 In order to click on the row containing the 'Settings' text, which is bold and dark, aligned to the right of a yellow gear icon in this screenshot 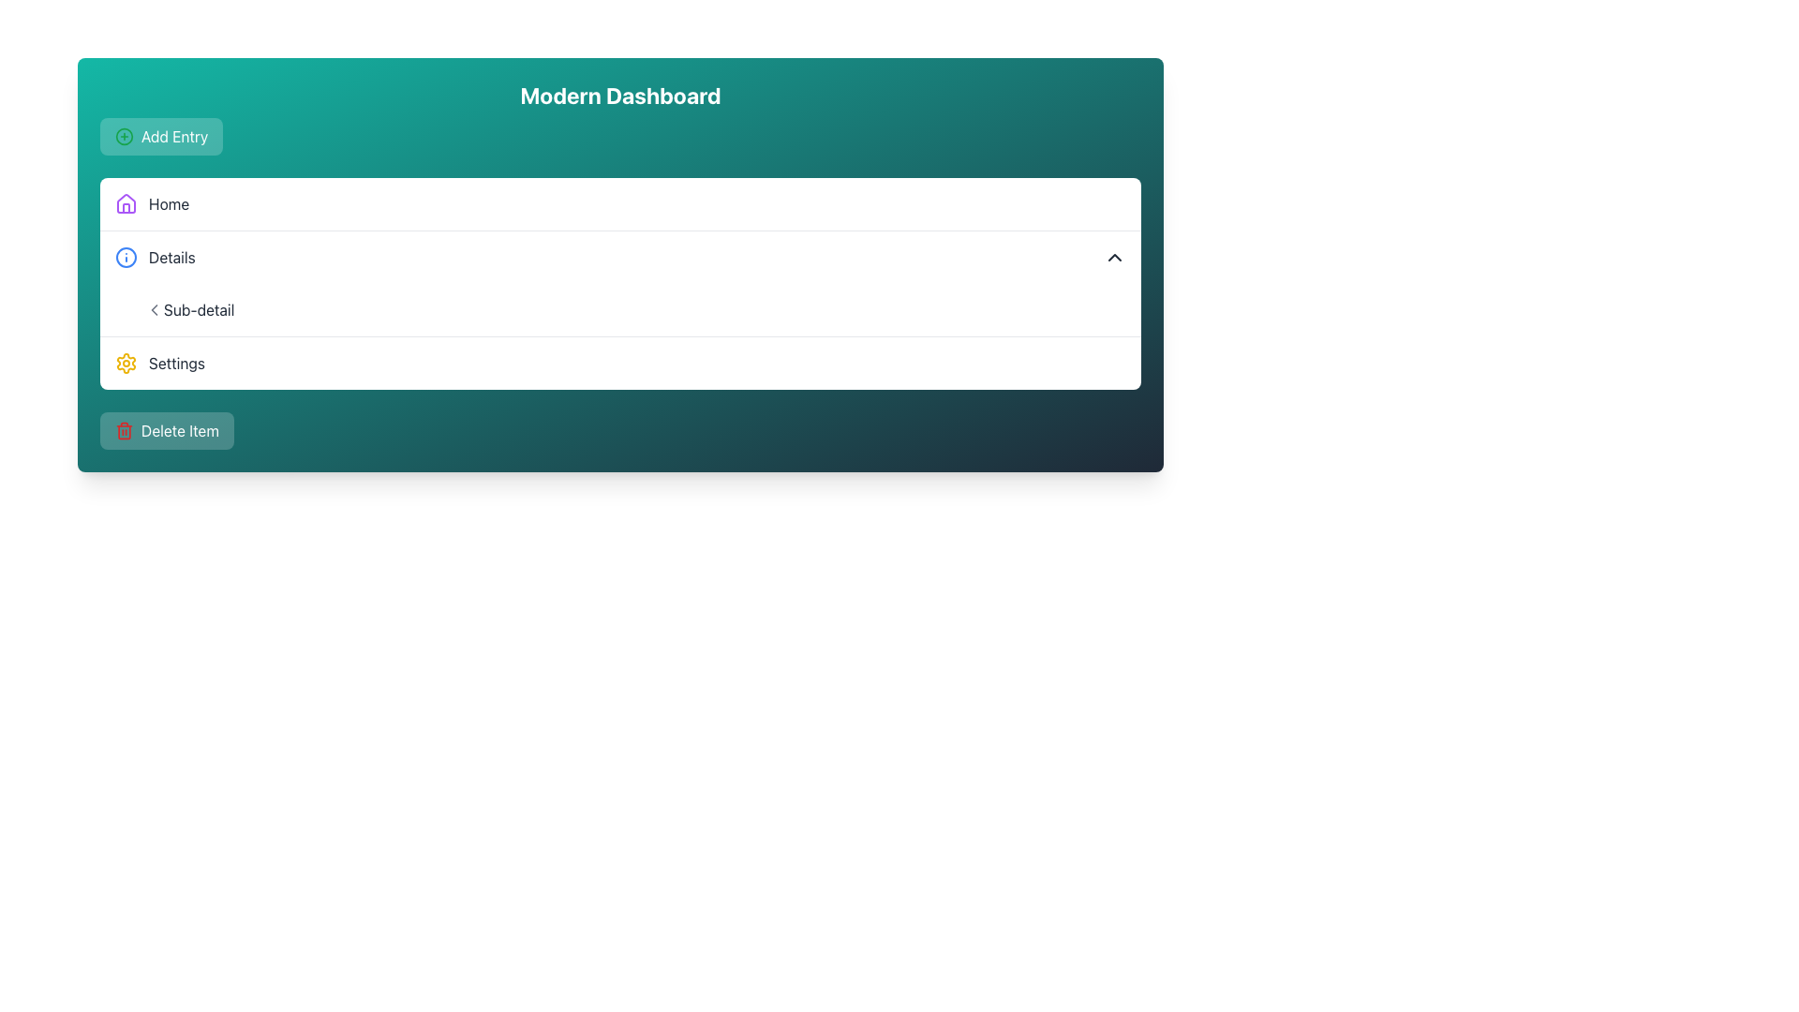, I will do `click(176, 364)`.